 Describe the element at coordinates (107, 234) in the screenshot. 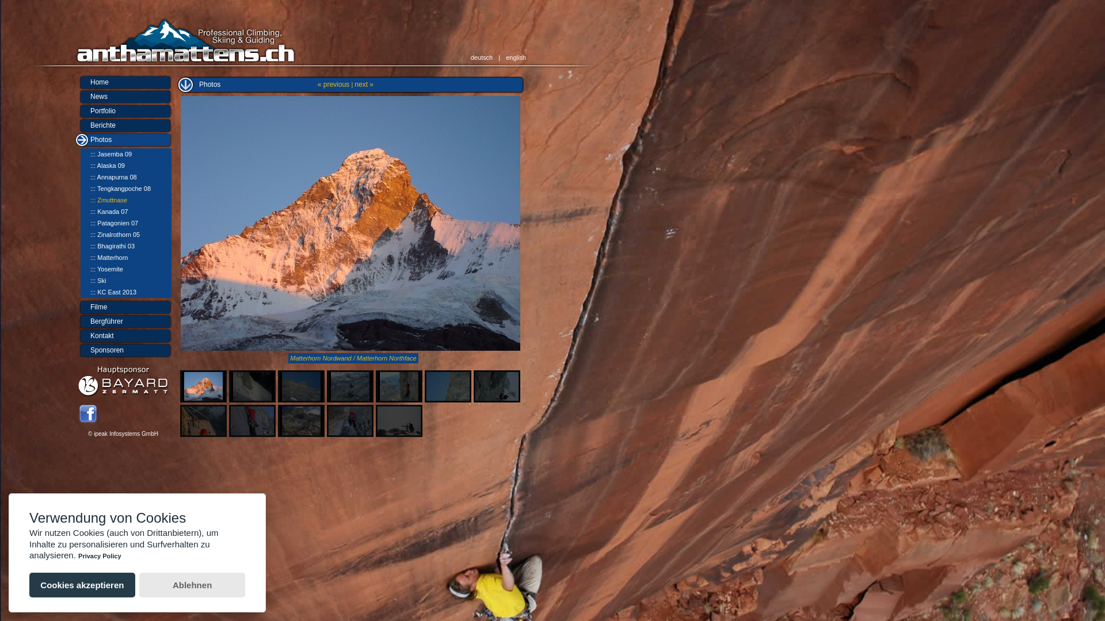

I see `'::: Zinalrothorn 05'` at that location.